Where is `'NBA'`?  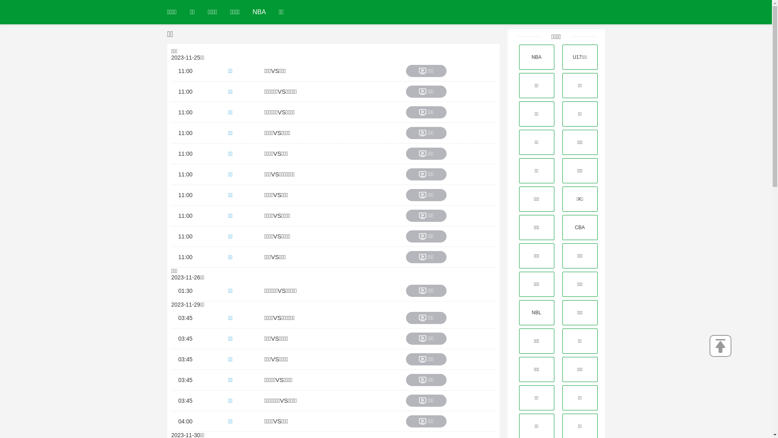 'NBA' is located at coordinates (259, 12).